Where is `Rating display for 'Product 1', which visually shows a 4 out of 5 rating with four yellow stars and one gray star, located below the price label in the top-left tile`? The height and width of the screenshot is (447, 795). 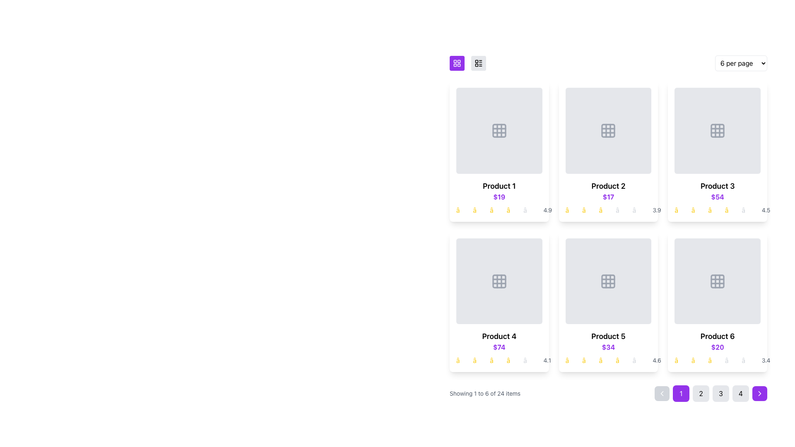
Rating display for 'Product 1', which visually shows a 4 out of 5 rating with four yellow stars and one gray star, located below the price label in the top-left tile is located at coordinates (498, 209).